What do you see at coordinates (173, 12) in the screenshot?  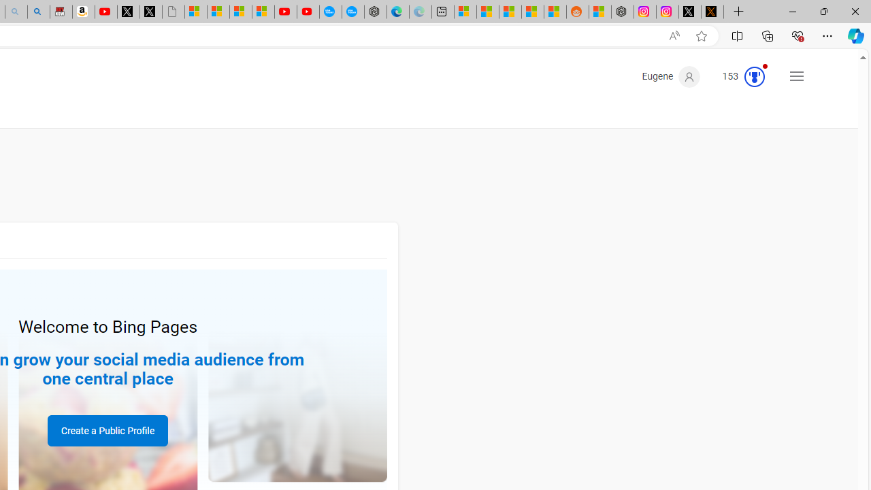 I see `'Untitled'` at bounding box center [173, 12].